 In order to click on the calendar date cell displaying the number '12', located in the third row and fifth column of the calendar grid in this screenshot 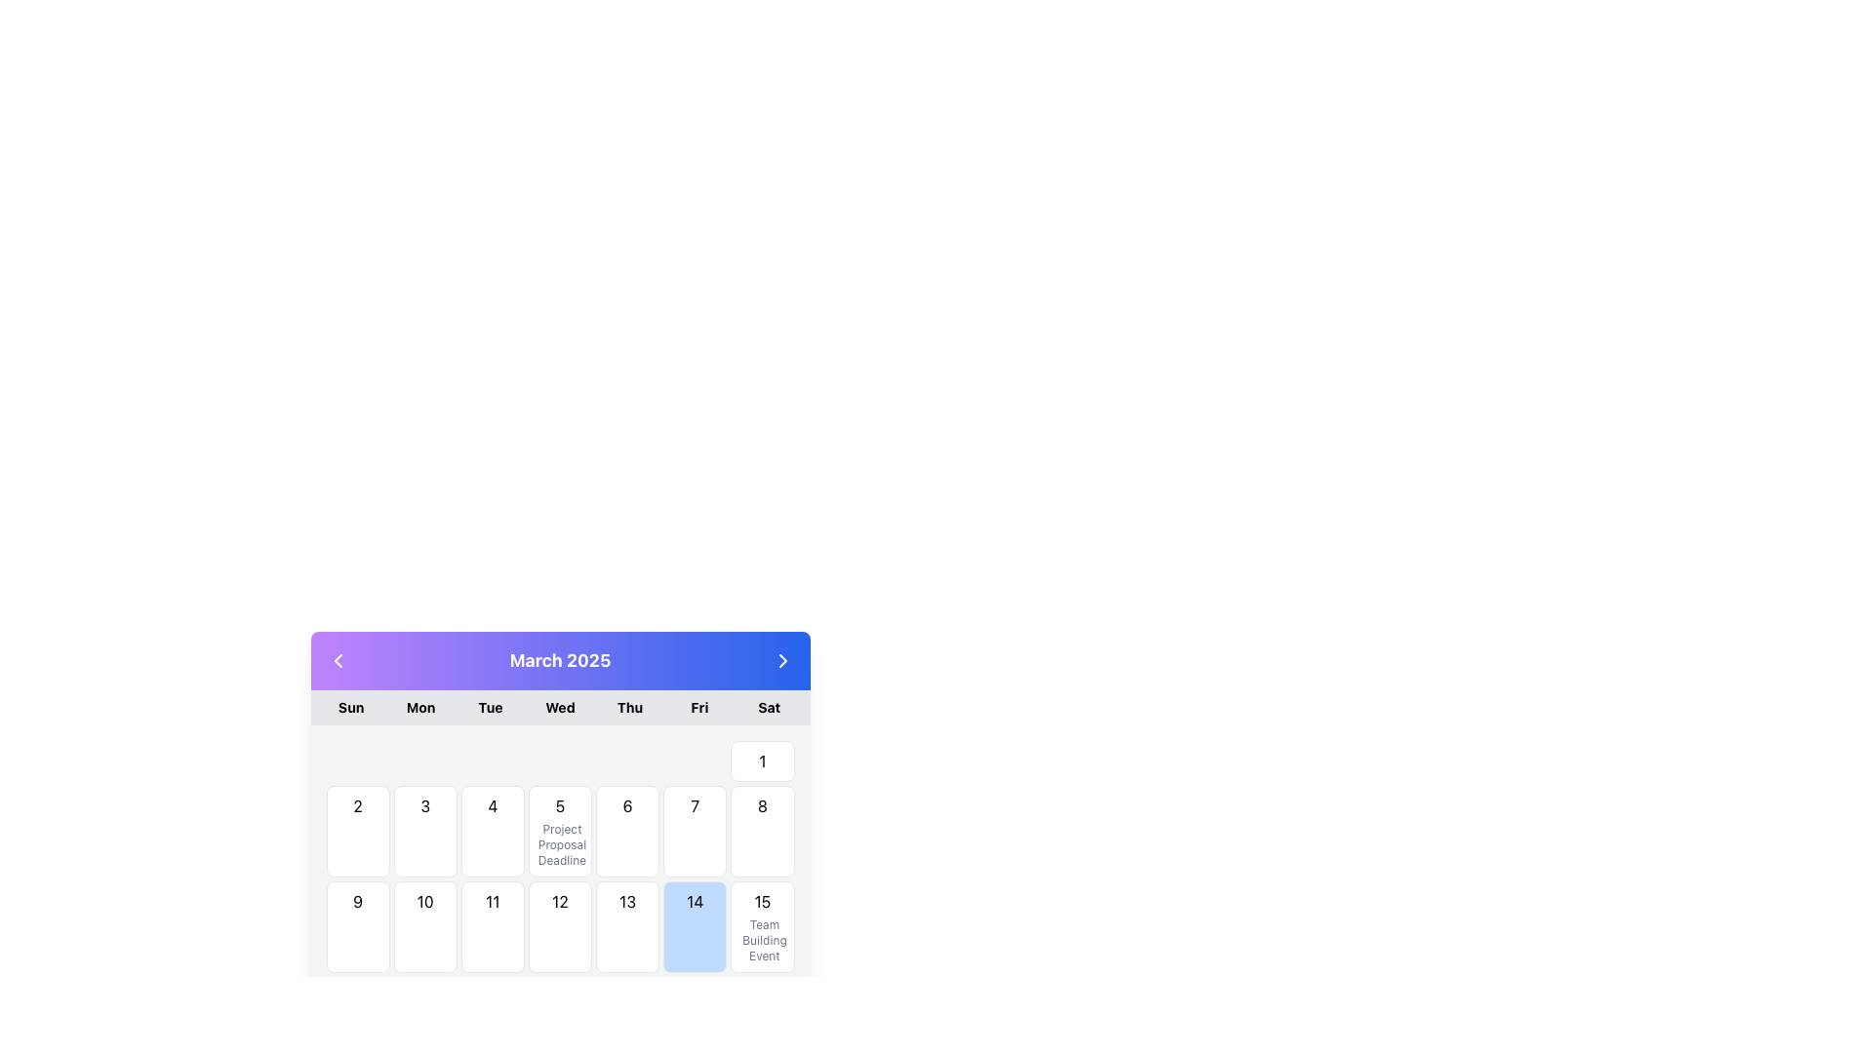, I will do `click(559, 926)`.